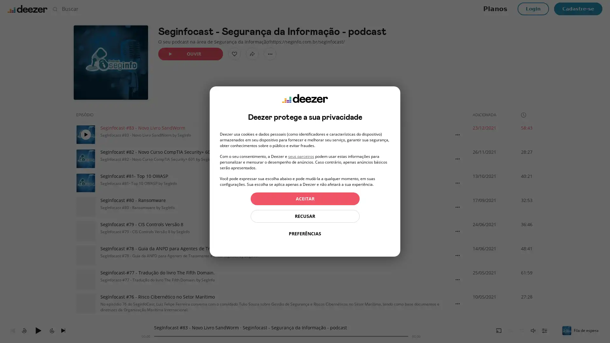 The image size is (610, 343). I want to click on Tocar, so click(38, 330).